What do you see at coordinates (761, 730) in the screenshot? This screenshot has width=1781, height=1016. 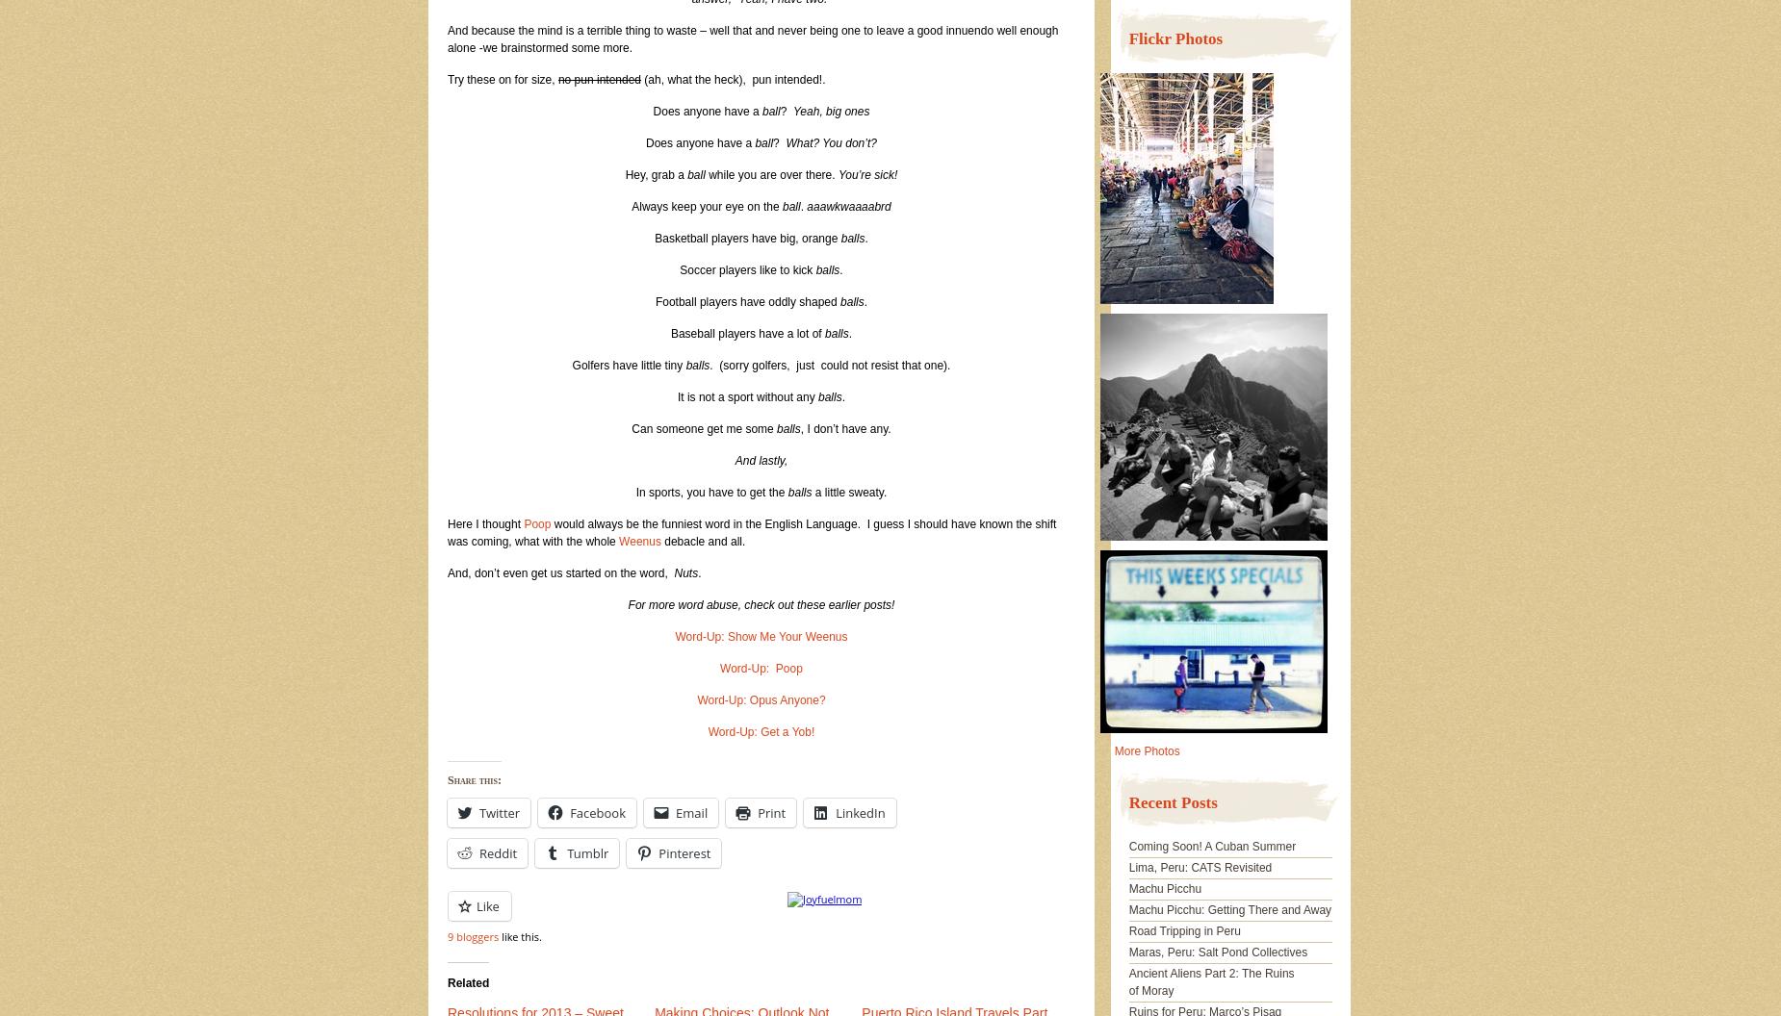 I see `'Word-Up: Get a Yob!'` at bounding box center [761, 730].